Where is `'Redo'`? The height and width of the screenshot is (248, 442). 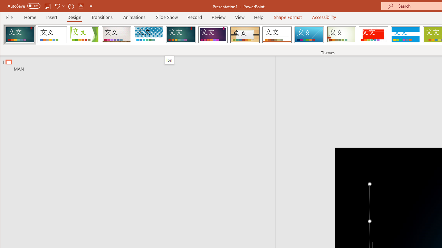
'Redo' is located at coordinates (71, 6).